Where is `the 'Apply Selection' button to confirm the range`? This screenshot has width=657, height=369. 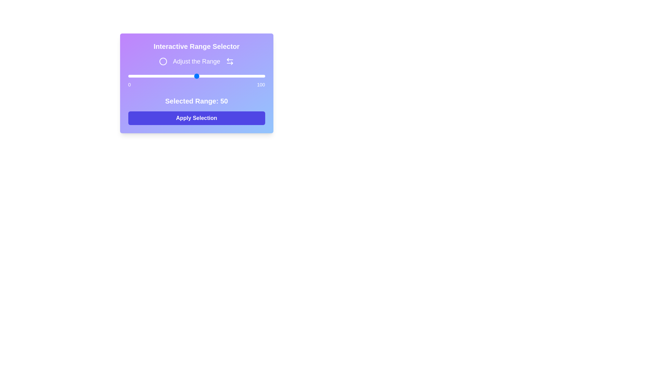
the 'Apply Selection' button to confirm the range is located at coordinates (196, 118).